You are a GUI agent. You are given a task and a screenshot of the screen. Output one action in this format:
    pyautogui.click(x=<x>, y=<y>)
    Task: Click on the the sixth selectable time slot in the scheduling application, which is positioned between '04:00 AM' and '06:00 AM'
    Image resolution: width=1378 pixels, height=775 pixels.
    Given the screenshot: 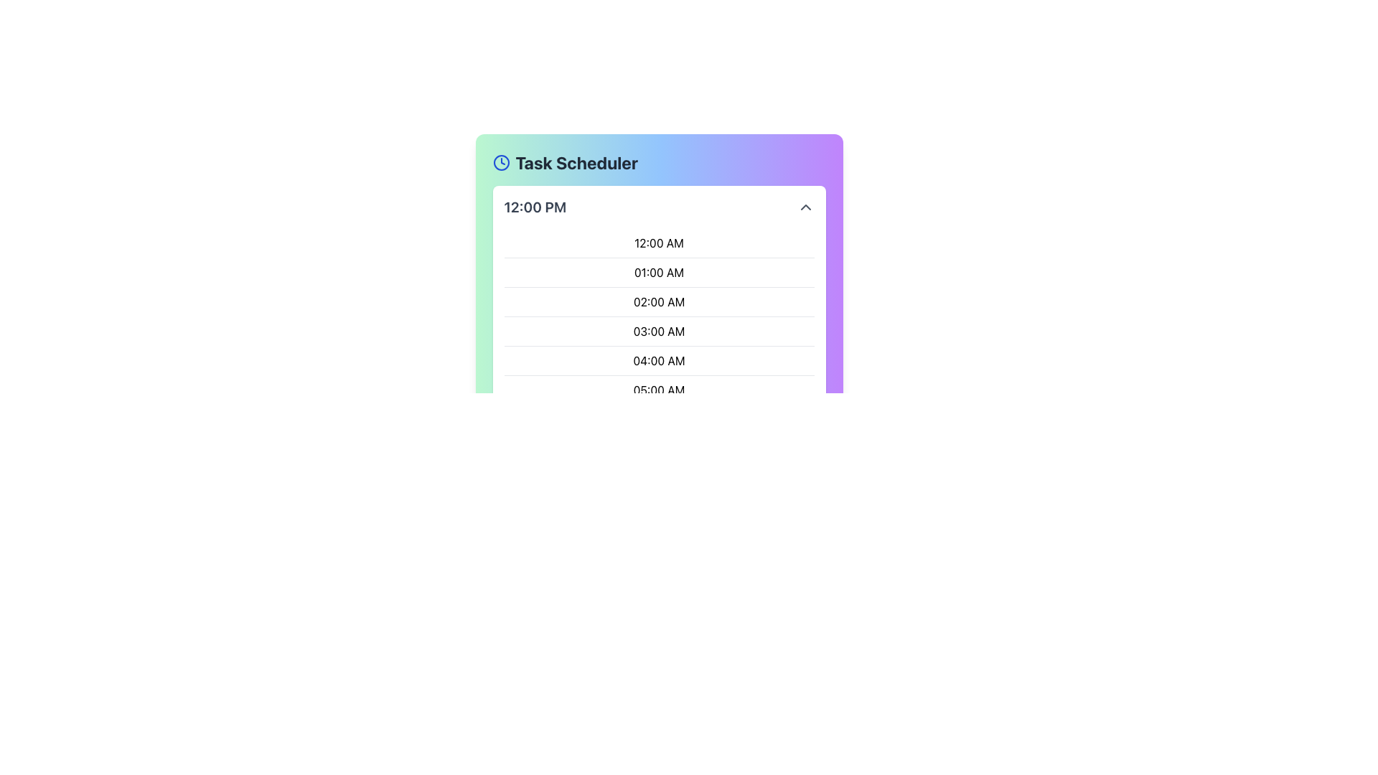 What is the action you would take?
    pyautogui.click(x=658, y=390)
    